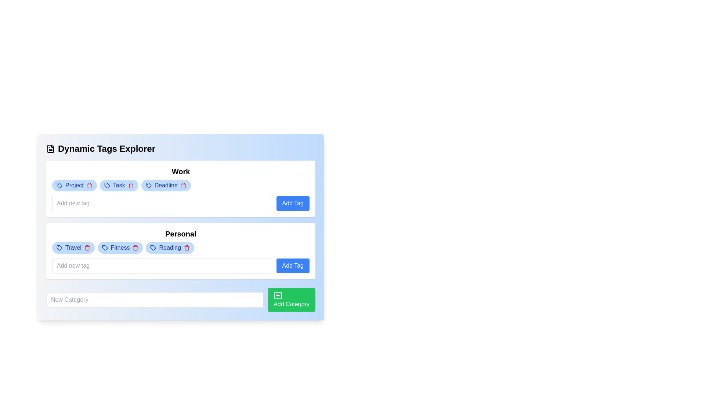 The width and height of the screenshot is (705, 396). I want to click on the red delete icon on the 'Deadline' tag, so click(166, 185).